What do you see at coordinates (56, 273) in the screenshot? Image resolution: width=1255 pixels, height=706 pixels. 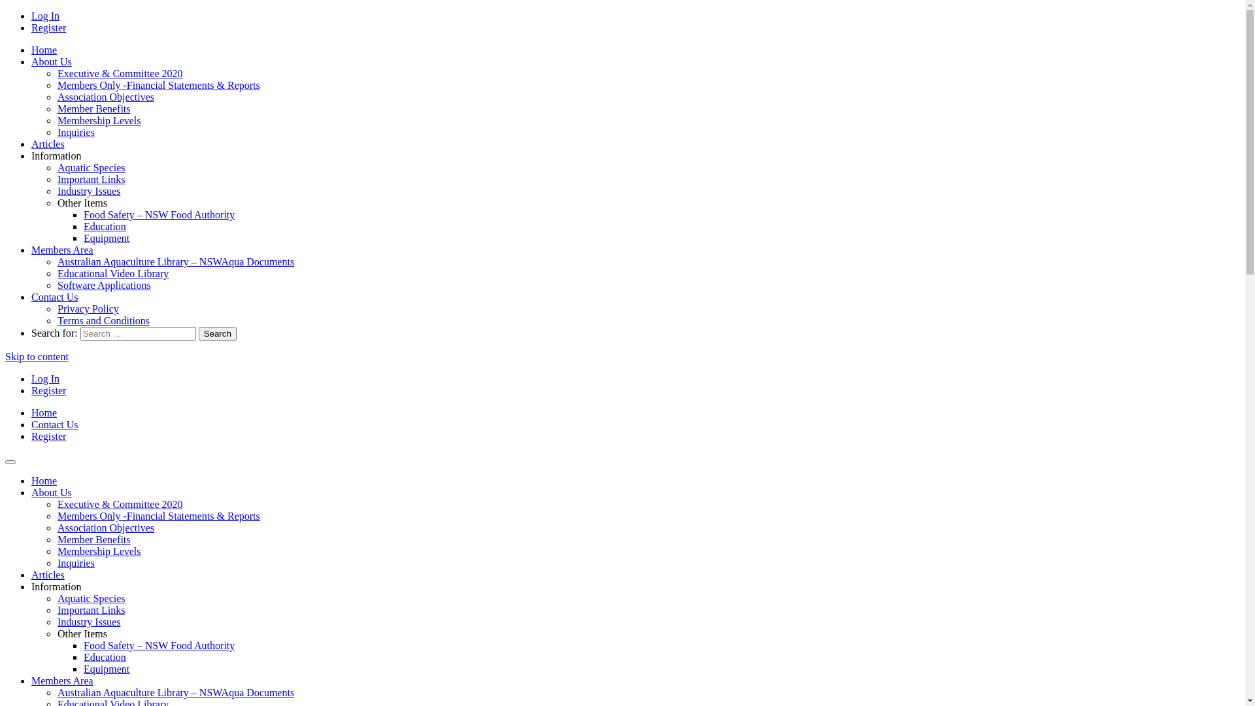 I see `'Educational Video Library'` at bounding box center [56, 273].